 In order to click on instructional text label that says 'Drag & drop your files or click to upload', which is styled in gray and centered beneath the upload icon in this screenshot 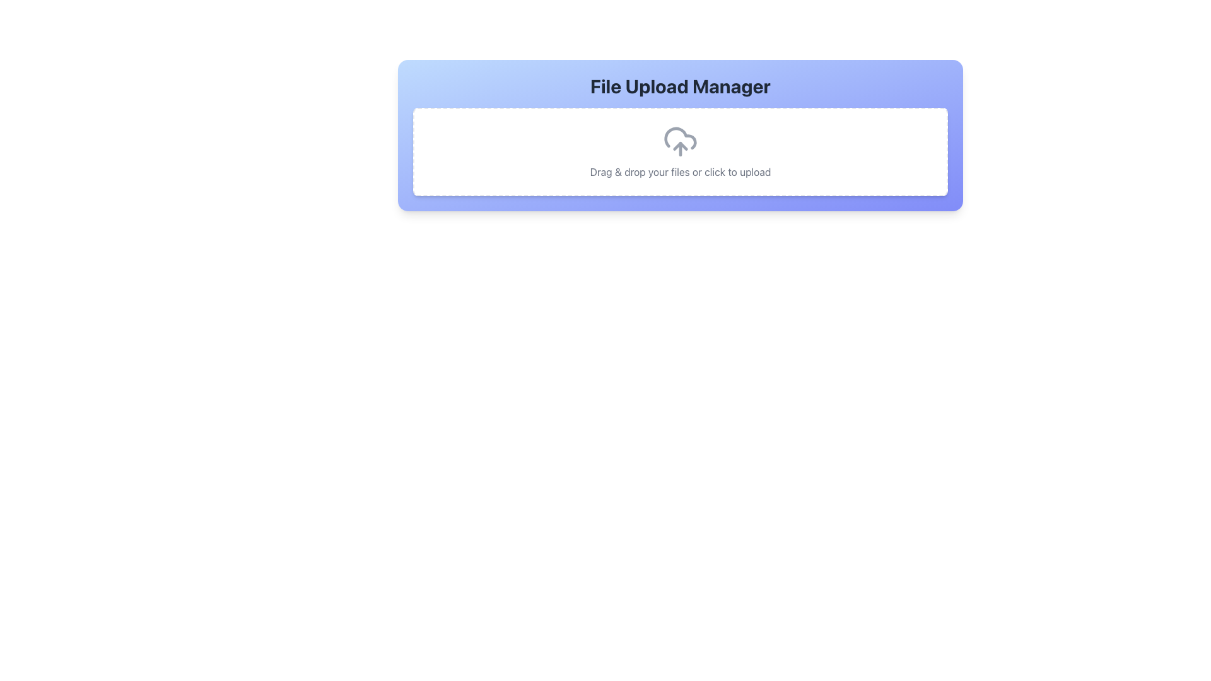, I will do `click(680, 172)`.